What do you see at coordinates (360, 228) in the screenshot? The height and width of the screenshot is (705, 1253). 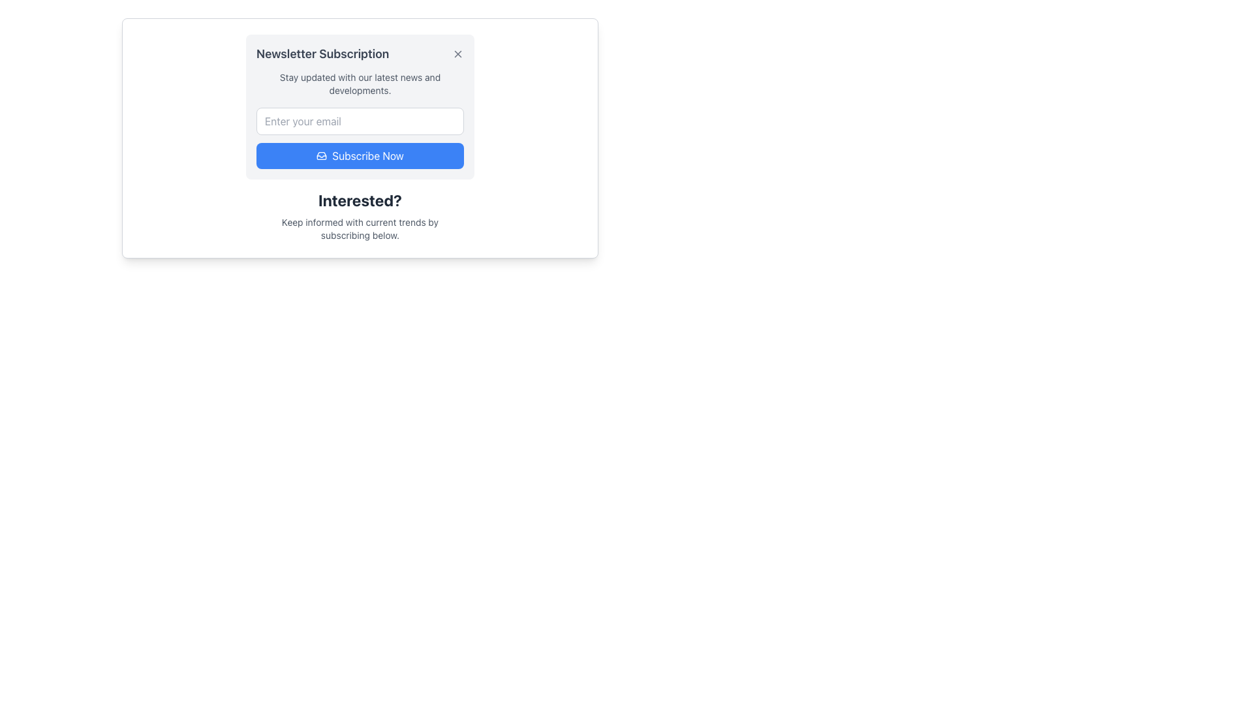 I see `the informational text located below the 'Interested?' header, which encourages user engagement with the subscription feature` at bounding box center [360, 228].